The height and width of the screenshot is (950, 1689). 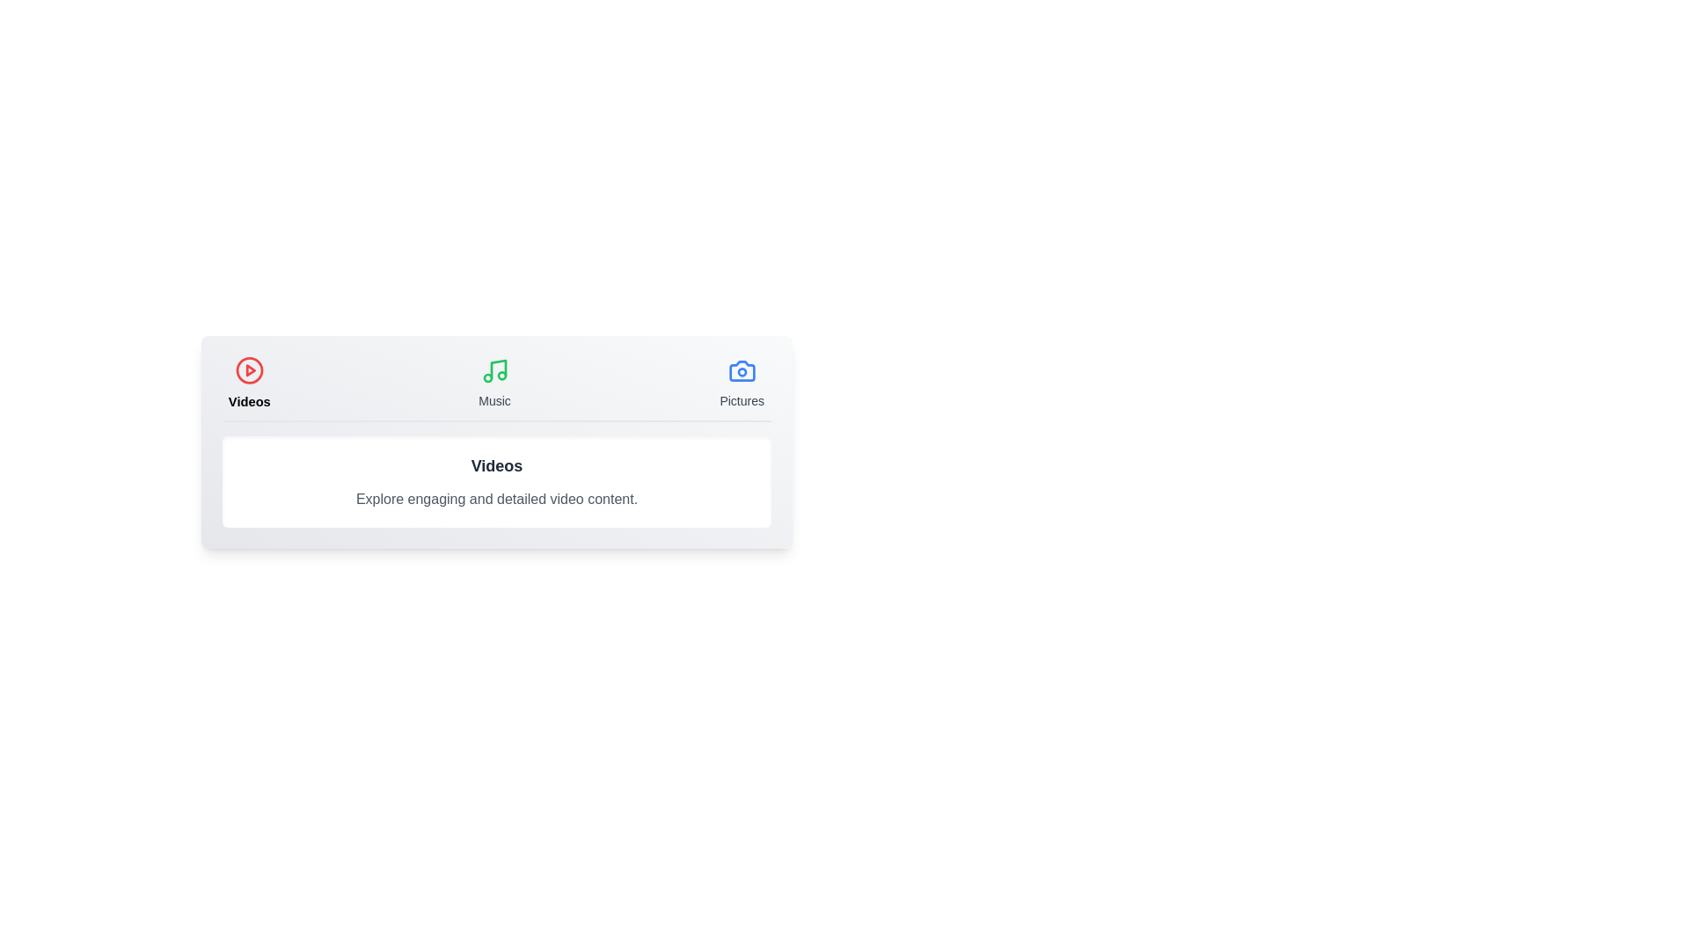 I want to click on the Pictures tab by clicking on its button, so click(x=742, y=382).